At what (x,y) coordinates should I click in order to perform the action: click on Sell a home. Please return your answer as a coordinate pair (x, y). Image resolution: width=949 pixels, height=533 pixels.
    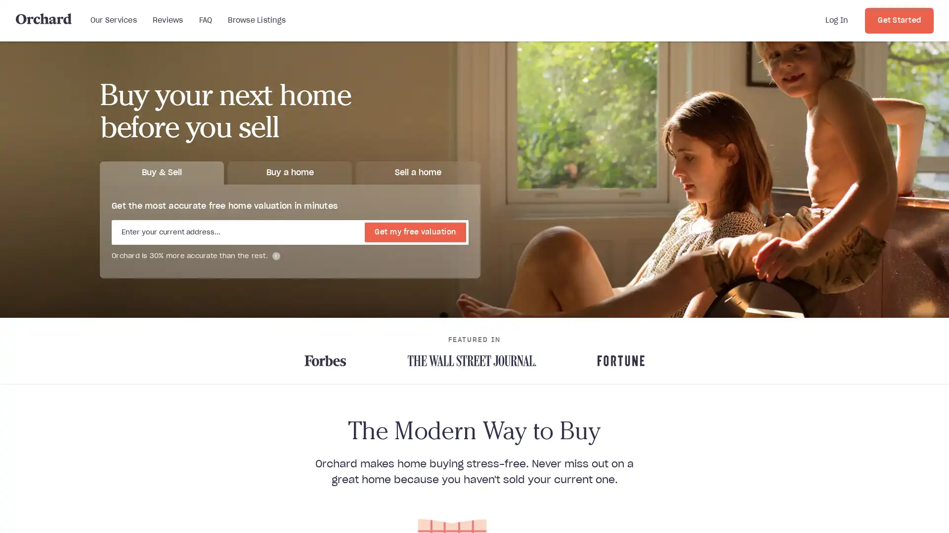
    Looking at the image, I should click on (418, 172).